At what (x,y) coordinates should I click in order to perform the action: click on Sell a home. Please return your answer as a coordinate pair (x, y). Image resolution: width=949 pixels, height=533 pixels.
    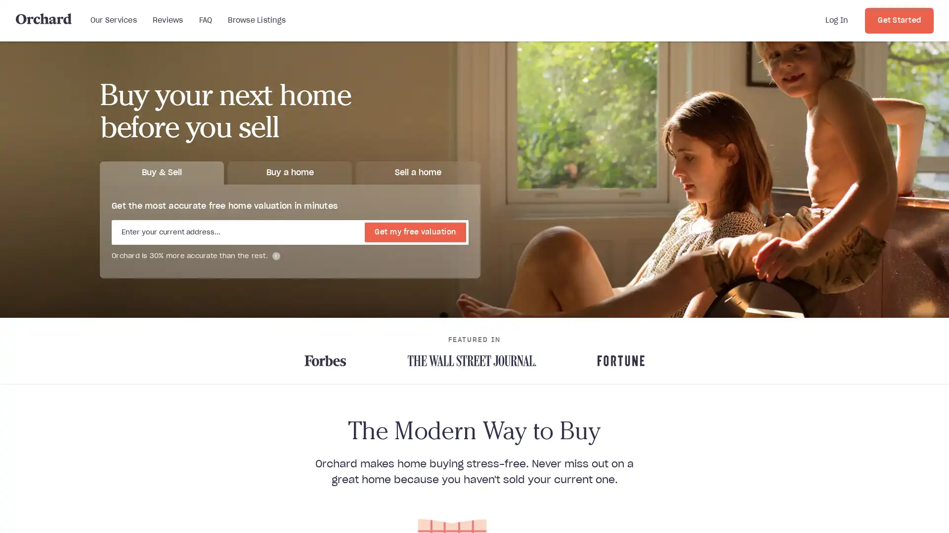
    Looking at the image, I should click on (418, 172).